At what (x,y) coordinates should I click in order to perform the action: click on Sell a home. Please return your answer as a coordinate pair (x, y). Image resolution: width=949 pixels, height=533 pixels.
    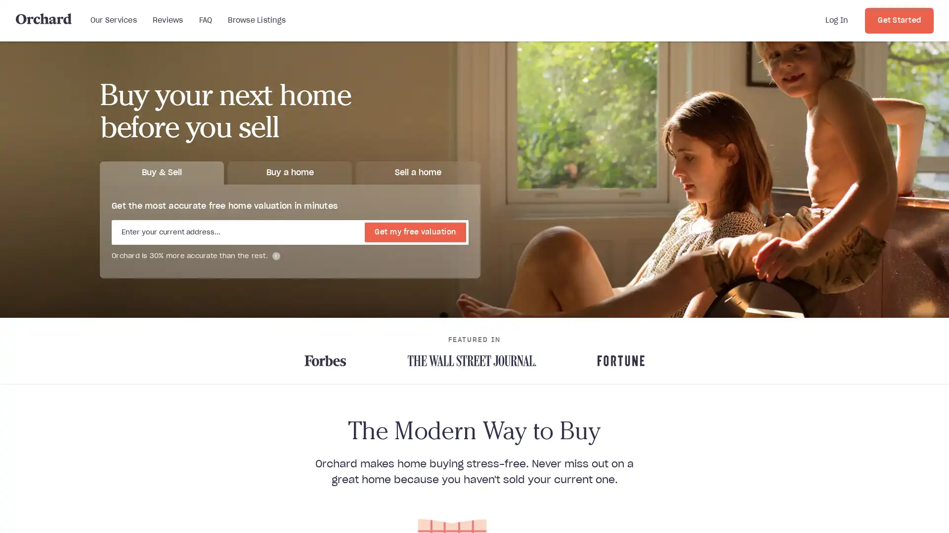
    Looking at the image, I should click on (418, 172).